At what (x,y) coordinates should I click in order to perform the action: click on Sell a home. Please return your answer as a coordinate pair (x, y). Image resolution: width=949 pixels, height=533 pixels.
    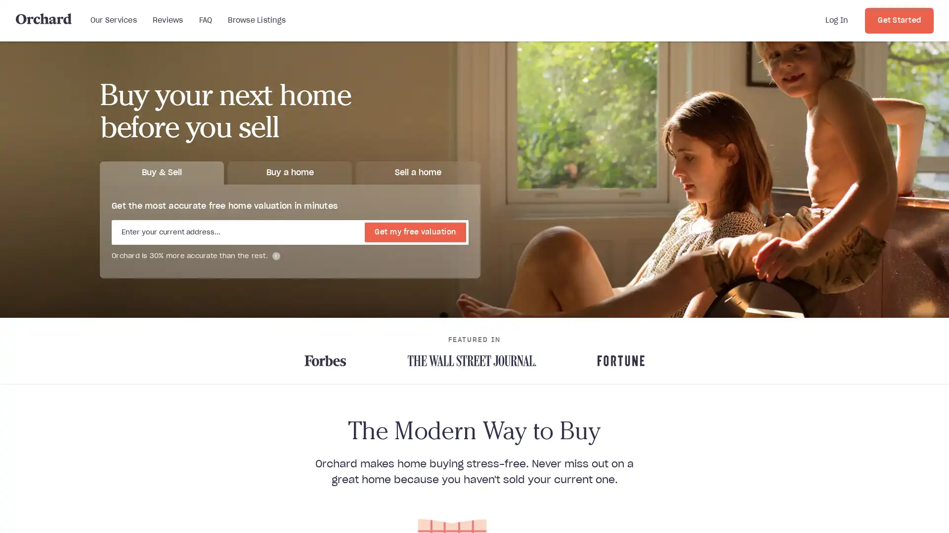
    Looking at the image, I should click on (418, 172).